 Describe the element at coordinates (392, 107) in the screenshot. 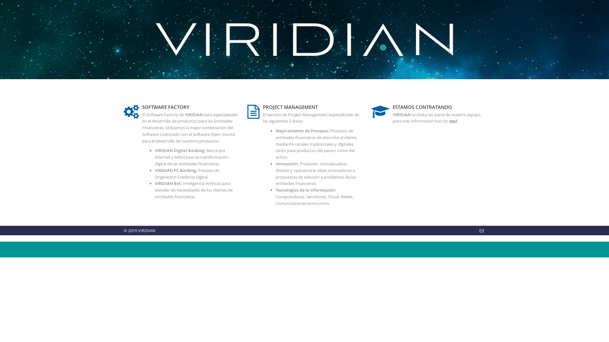

I see `'ESTAMOS CONTRATANDO'` at that location.